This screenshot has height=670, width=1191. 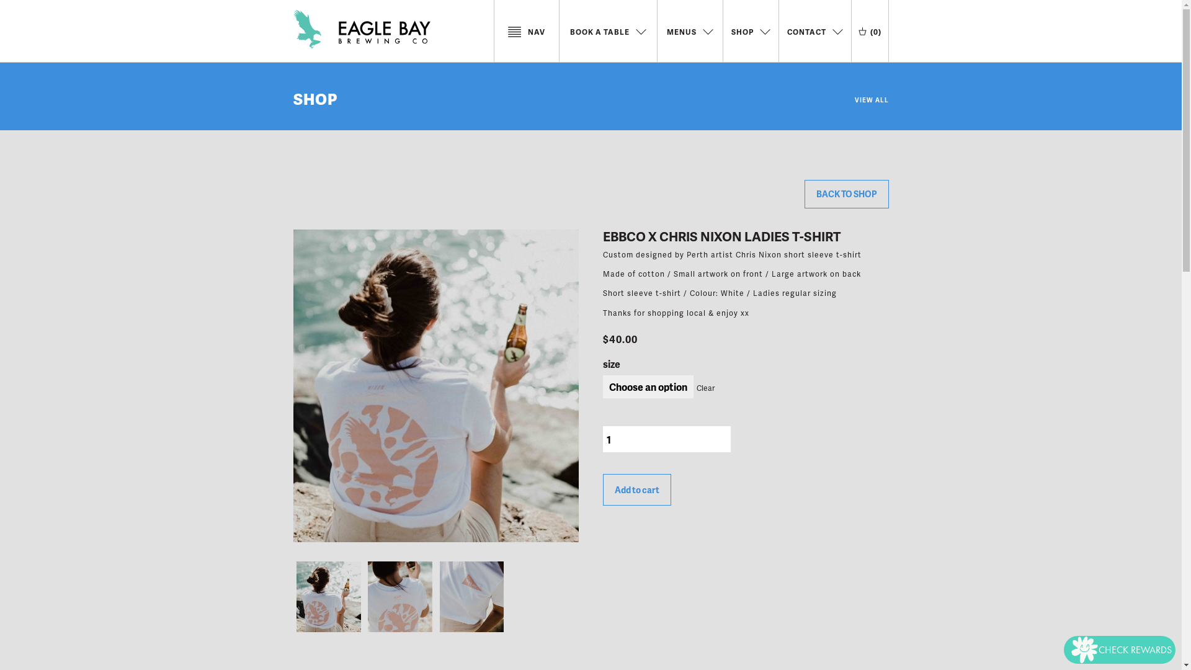 What do you see at coordinates (703, 387) in the screenshot?
I see `'Clear'` at bounding box center [703, 387].